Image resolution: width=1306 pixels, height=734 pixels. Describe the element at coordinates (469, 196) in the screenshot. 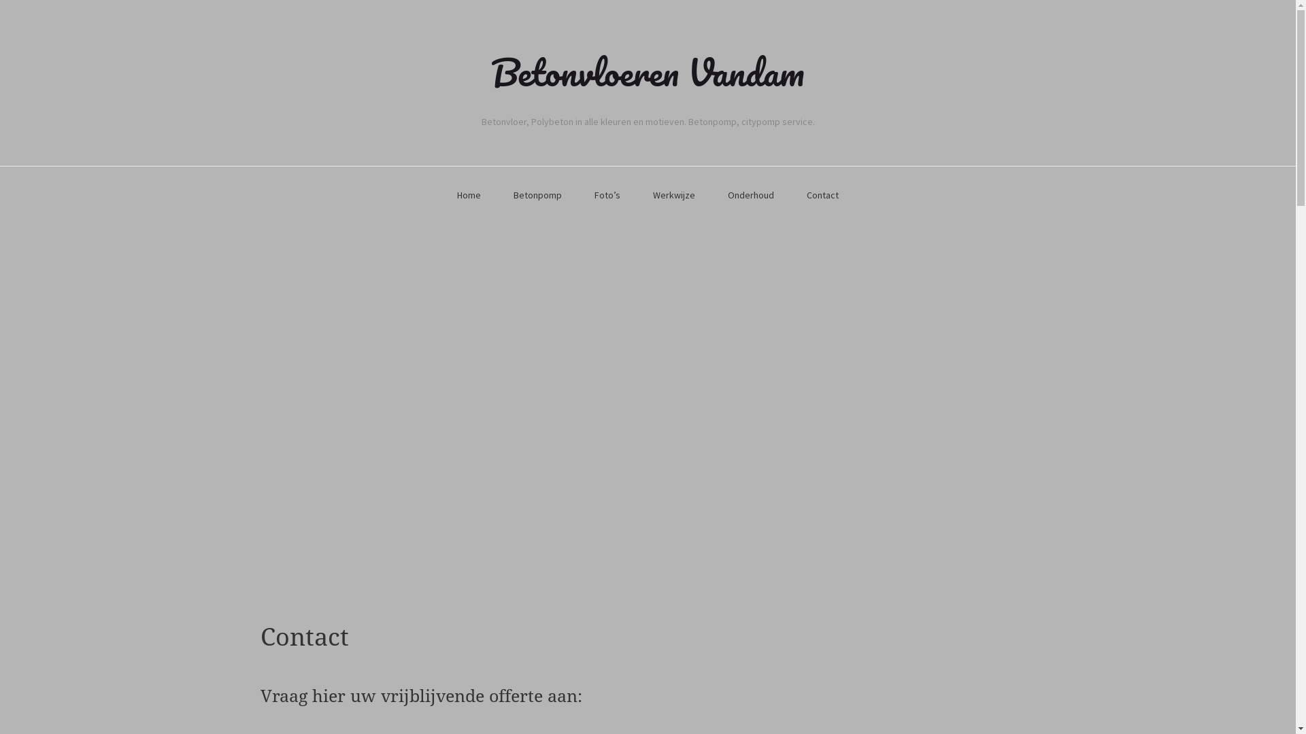

I see `'Home'` at that location.